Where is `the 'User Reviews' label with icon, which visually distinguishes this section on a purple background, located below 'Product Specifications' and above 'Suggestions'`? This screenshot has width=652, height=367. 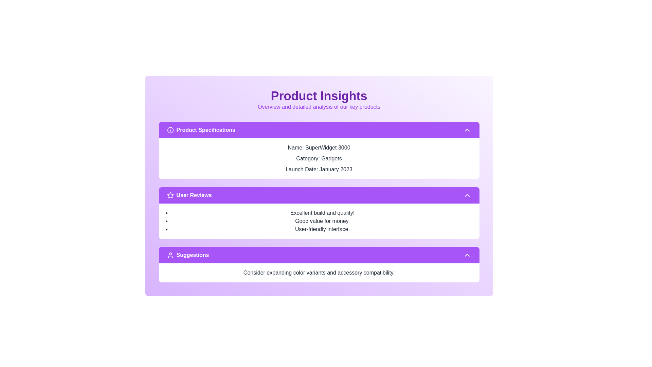 the 'User Reviews' label with icon, which visually distinguishes this section on a purple background, located below 'Product Specifications' and above 'Suggestions' is located at coordinates (189, 195).